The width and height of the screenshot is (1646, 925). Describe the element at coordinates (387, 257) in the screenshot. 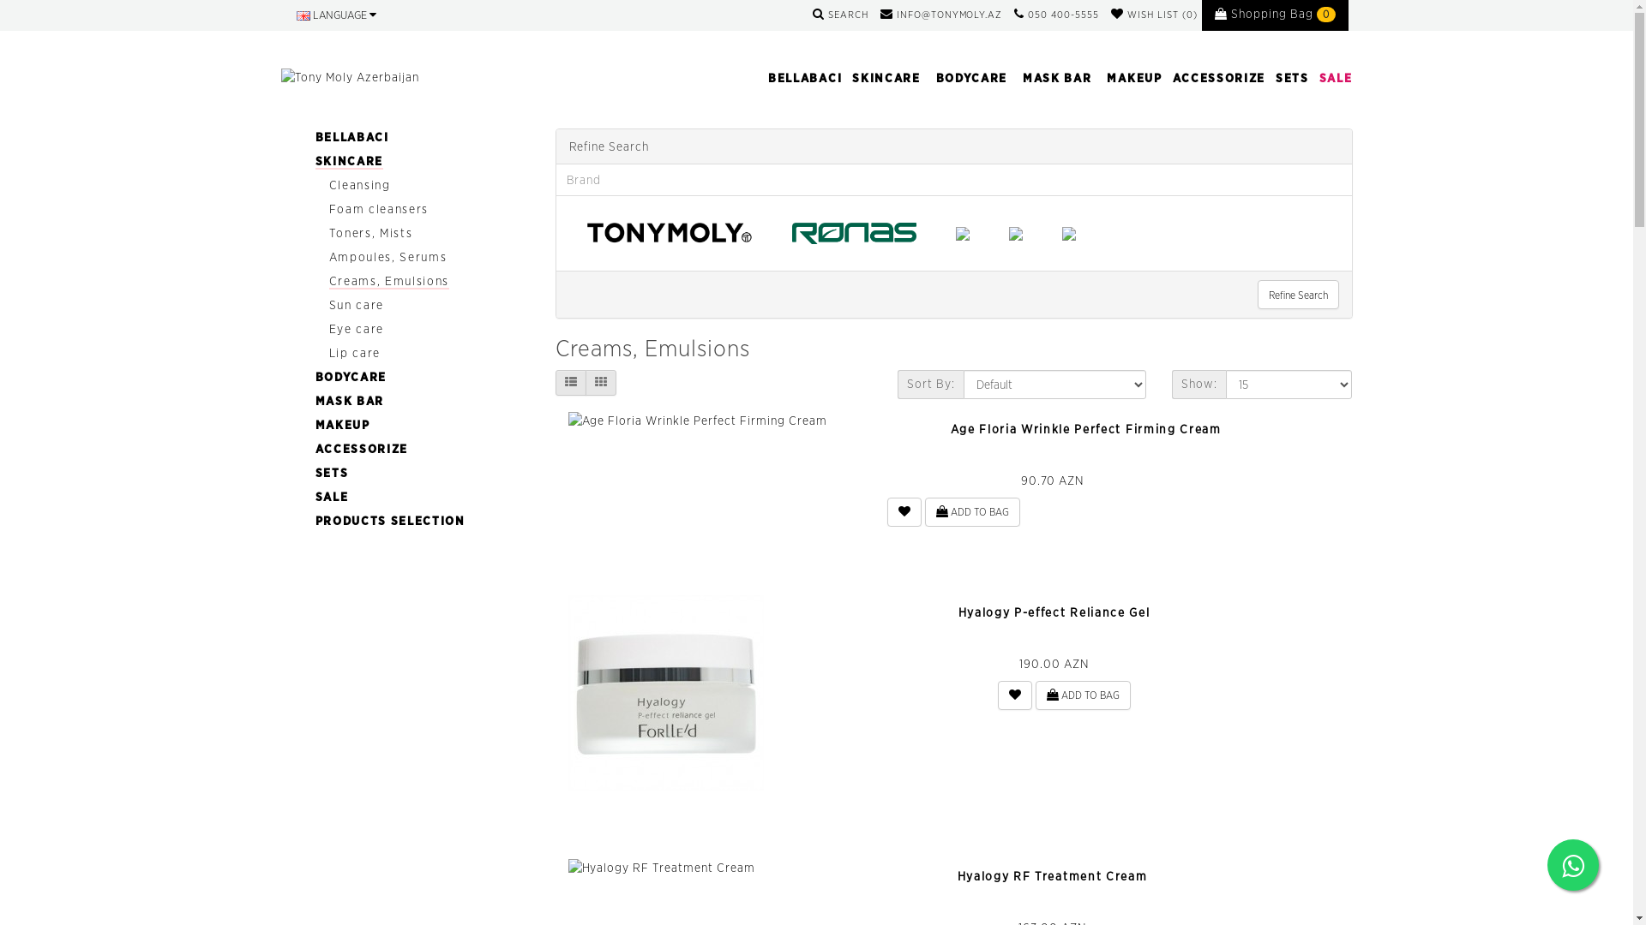

I see `'Ampoules, Serums'` at that location.